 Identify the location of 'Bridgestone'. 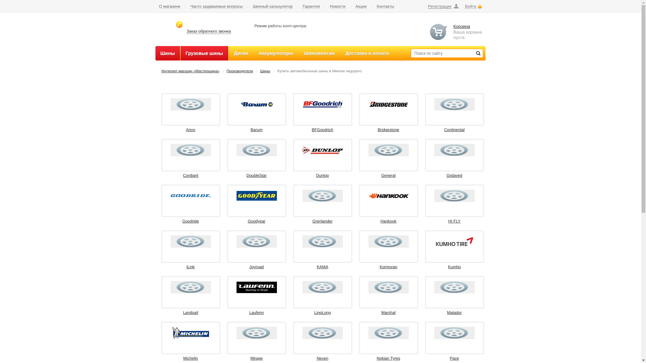
(388, 129).